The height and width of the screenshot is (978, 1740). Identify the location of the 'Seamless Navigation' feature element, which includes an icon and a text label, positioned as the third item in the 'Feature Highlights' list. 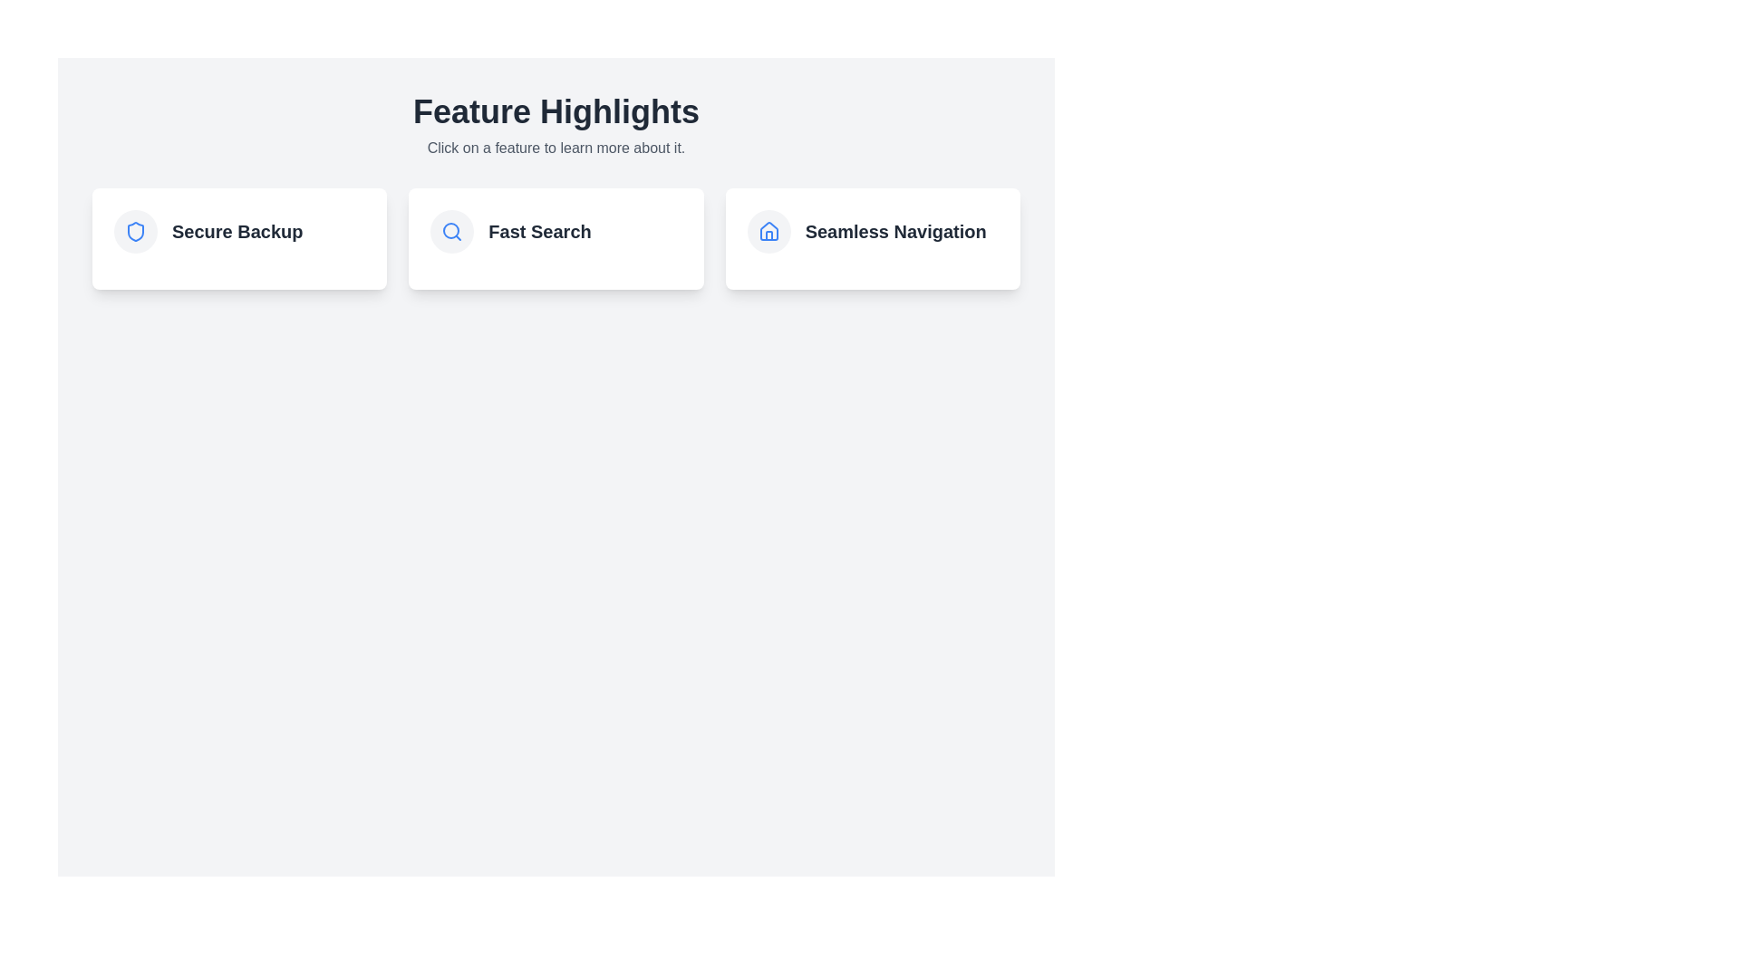
(873, 230).